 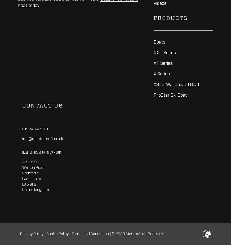 I want to click on 'LA5 9FG', so click(x=22, y=184).